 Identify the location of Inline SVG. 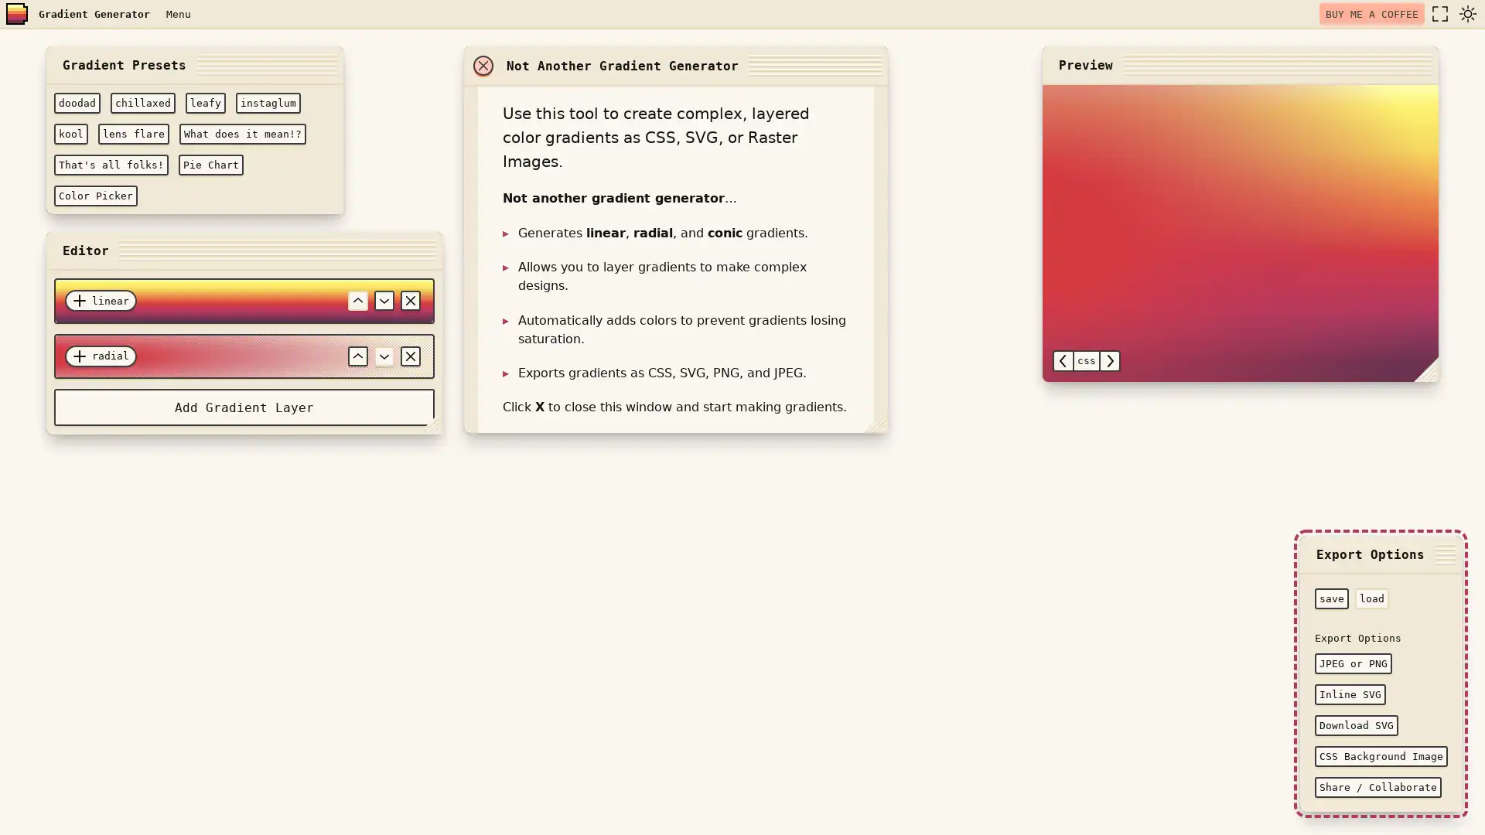
(1349, 694).